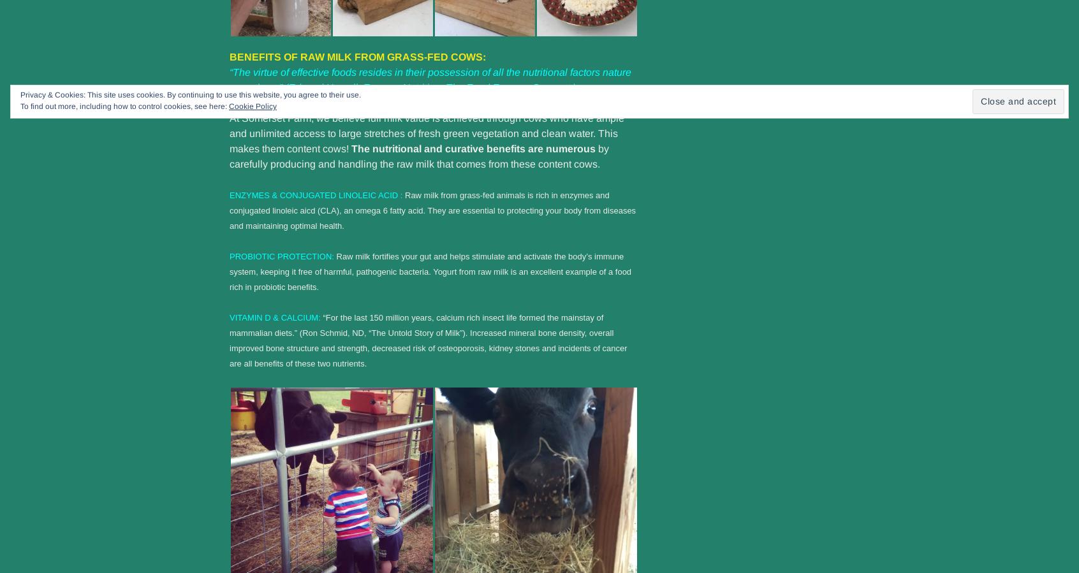  I want to click on 'Raw milk fortifies your gut and helps stimulate and activate the body’s immune system, keeping it free of harmful, pathogenic bacteria. Yogurt from raw milk is an excellent example of a food rich in probiotic benefits.', so click(430, 270).